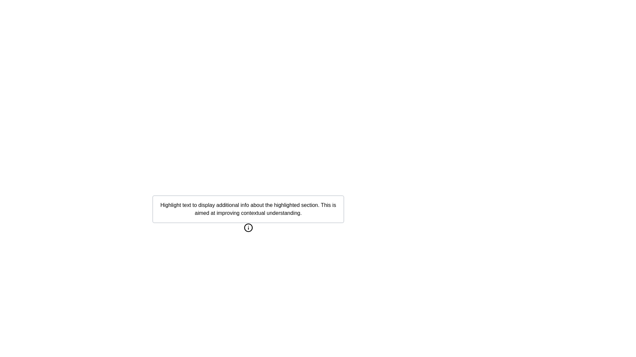 The width and height of the screenshot is (636, 357). What do you see at coordinates (248, 227) in the screenshot?
I see `the innermost circular component of the 'info' icon, which is centrally placed within its larger circular outline` at bounding box center [248, 227].